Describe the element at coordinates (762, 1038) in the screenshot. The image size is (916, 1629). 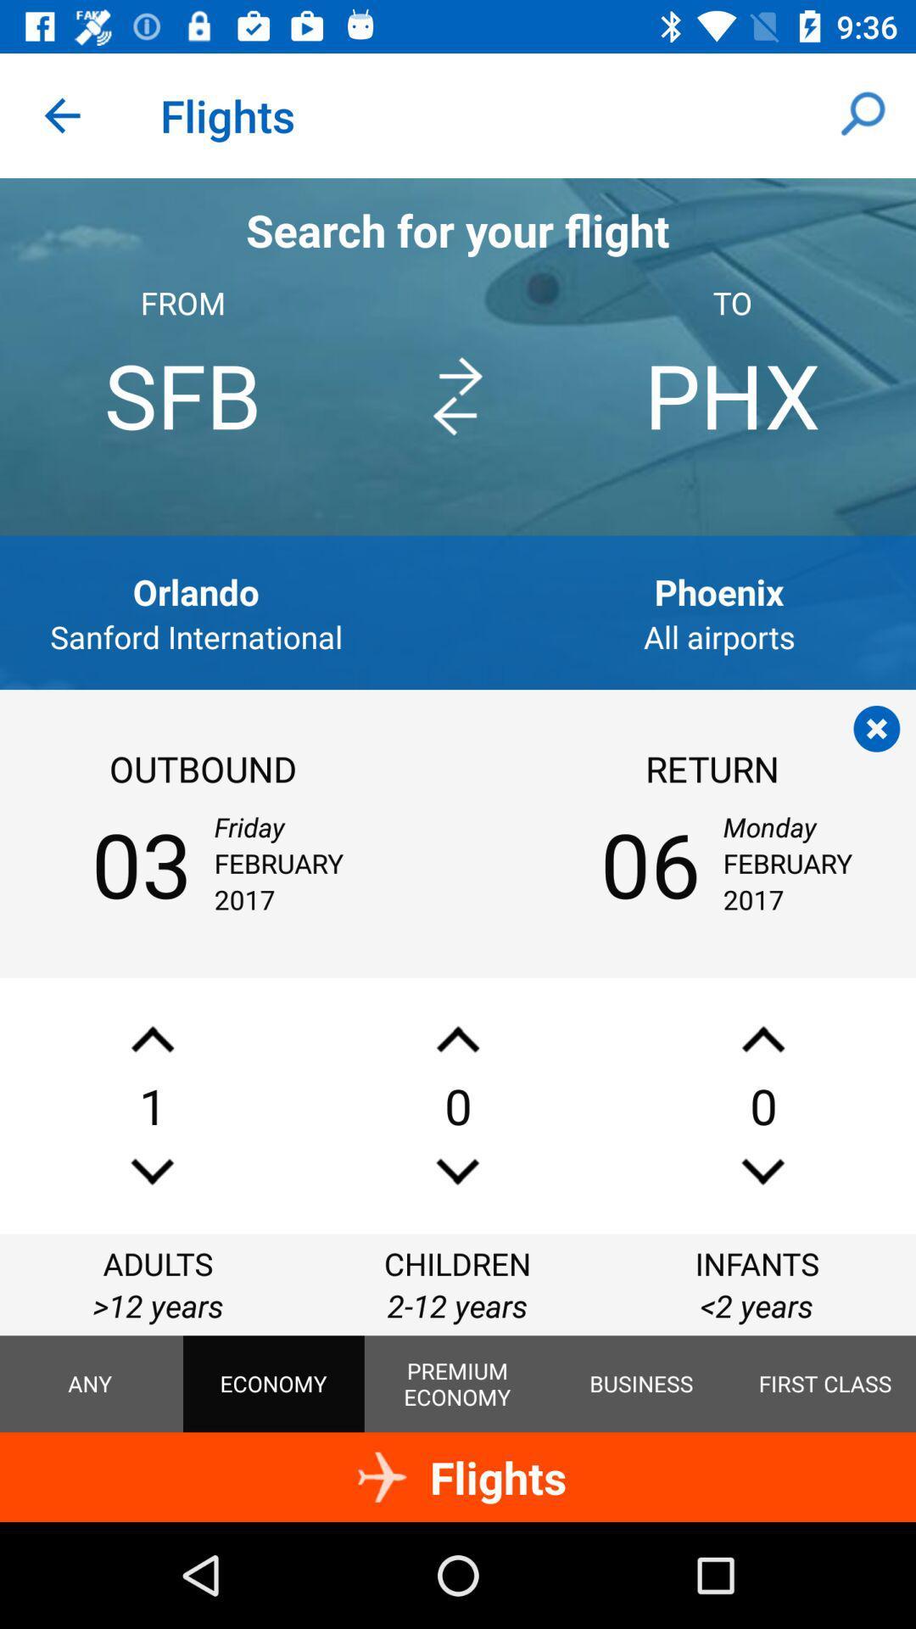
I see `the font icon` at that location.